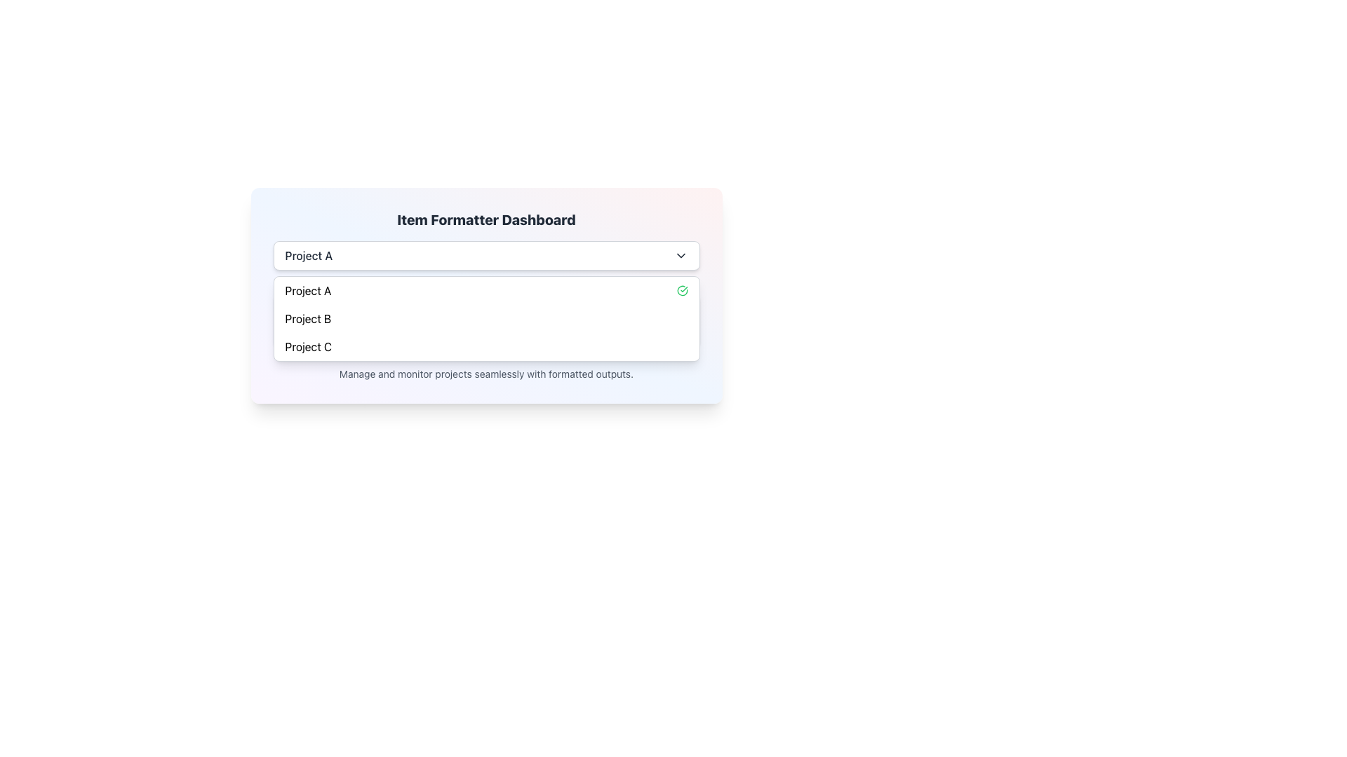 The image size is (1347, 757). Describe the element at coordinates (486, 319) in the screenshot. I see `the second item in the drop-down menu labeled 'Project B'` at that location.